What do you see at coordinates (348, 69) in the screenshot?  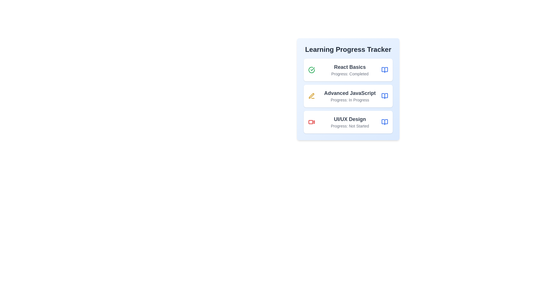 I see `the course item corresponding to React Basics` at bounding box center [348, 69].